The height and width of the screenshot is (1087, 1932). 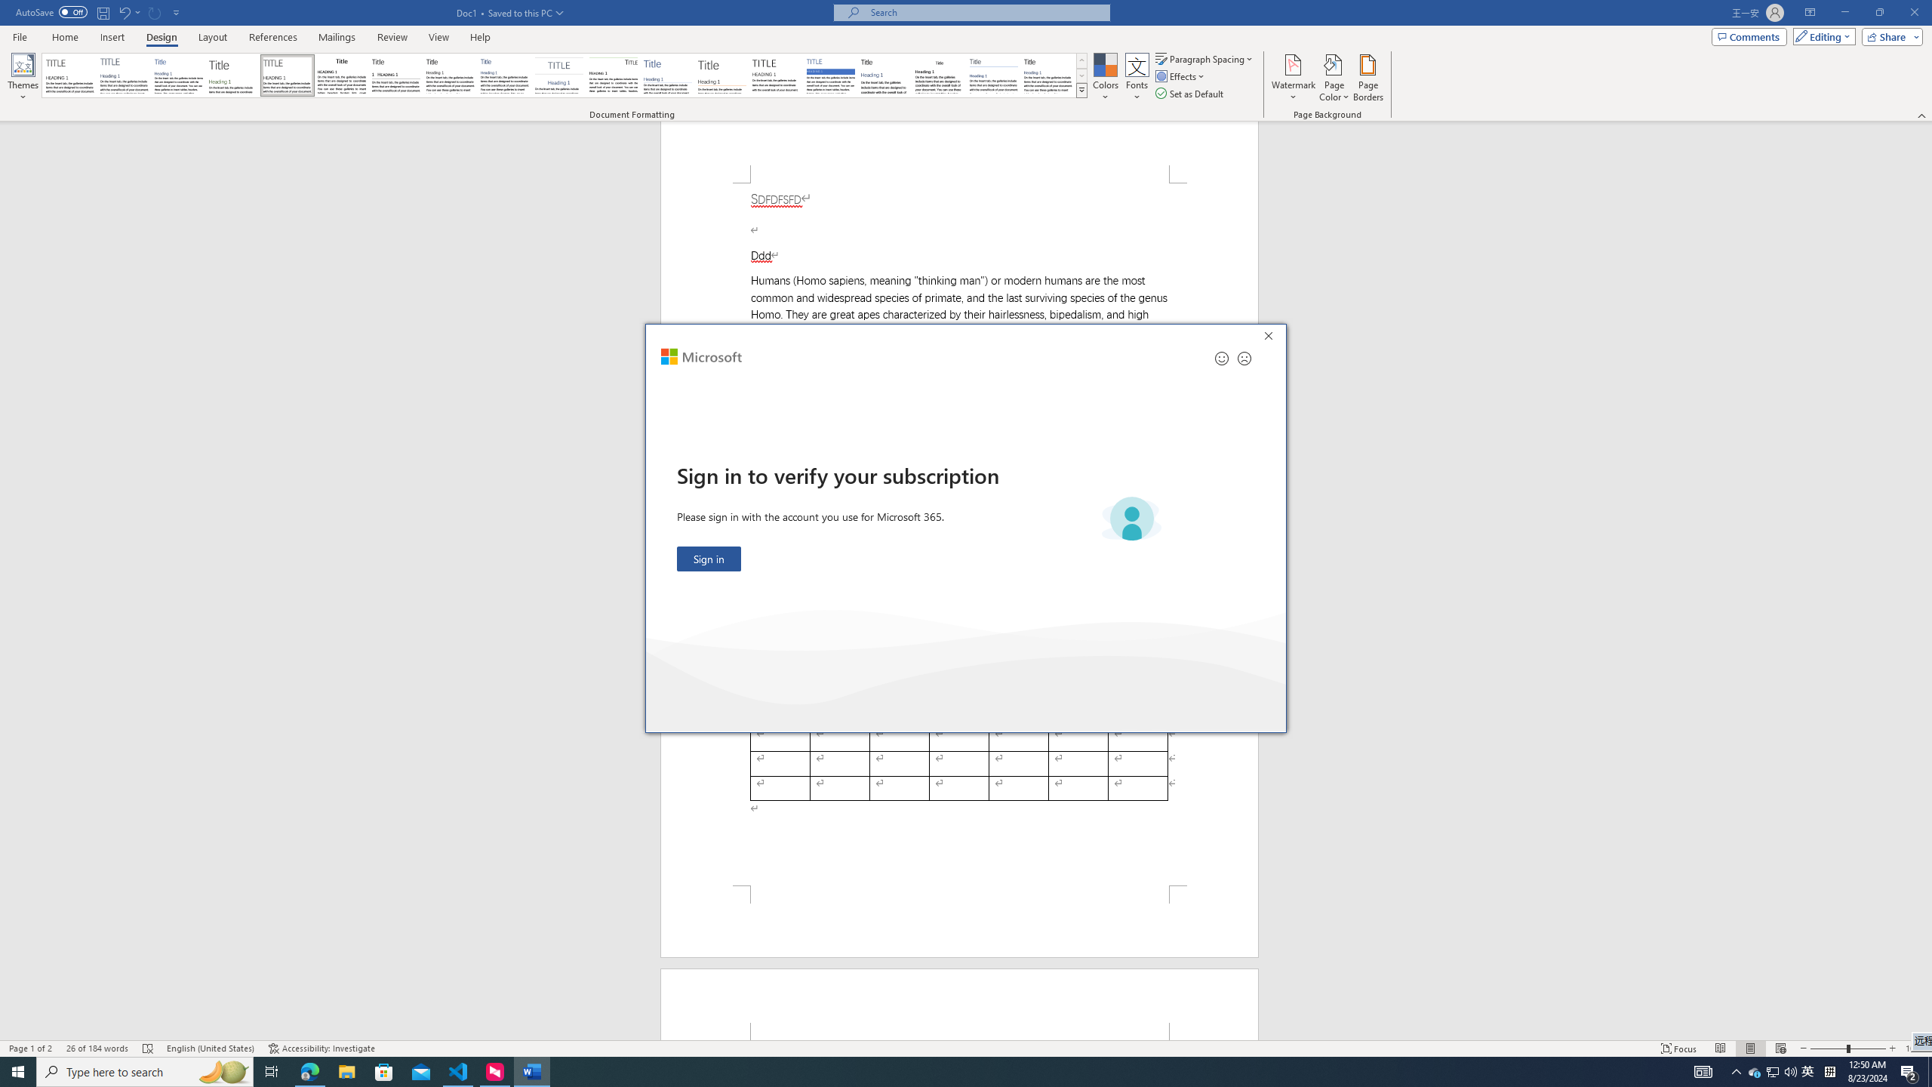 I want to click on 'Themes', so click(x=22, y=78).